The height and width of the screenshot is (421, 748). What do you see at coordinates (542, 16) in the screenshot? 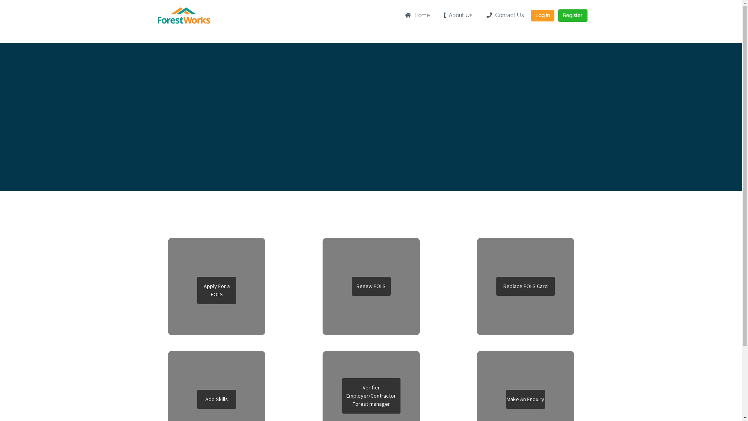
I see `'Log In'` at bounding box center [542, 16].